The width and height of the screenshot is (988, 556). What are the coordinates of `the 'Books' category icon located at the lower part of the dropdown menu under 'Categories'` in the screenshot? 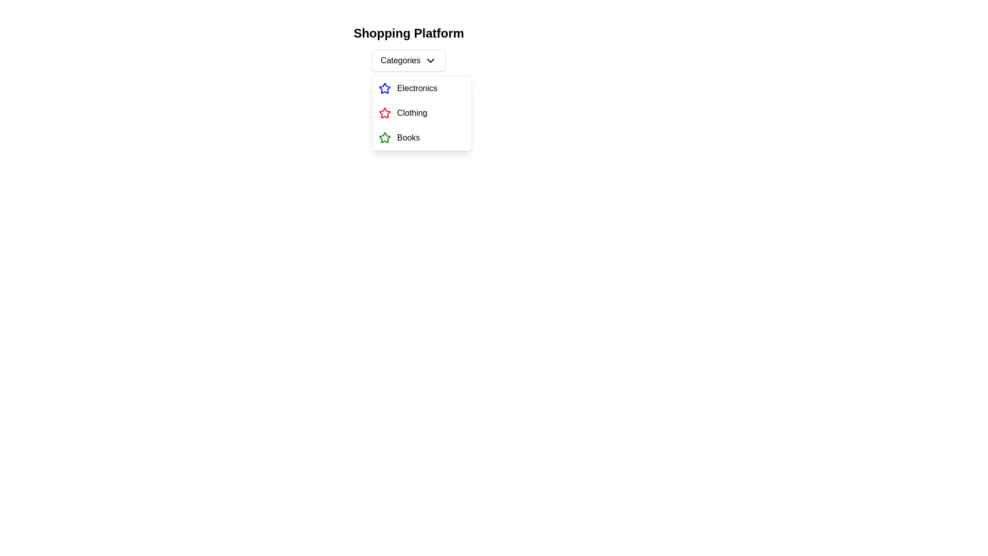 It's located at (384, 137).